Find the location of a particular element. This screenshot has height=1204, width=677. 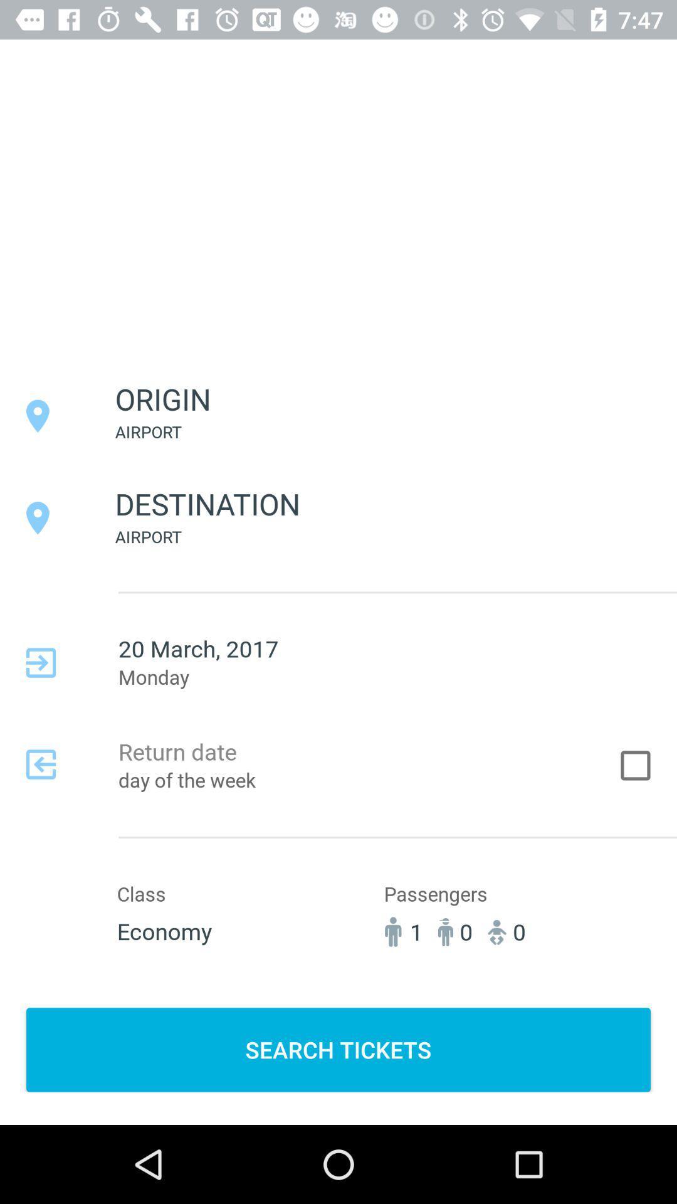

the second location symbol from the top is located at coordinates (37, 518).